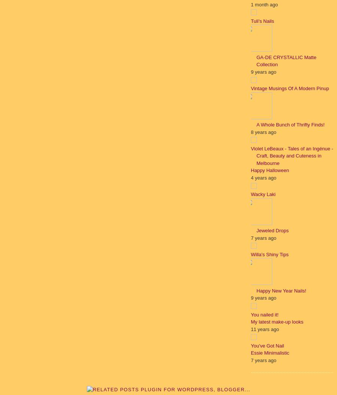 The image size is (337, 395). What do you see at coordinates (251, 177) in the screenshot?
I see `'4 years ago'` at bounding box center [251, 177].